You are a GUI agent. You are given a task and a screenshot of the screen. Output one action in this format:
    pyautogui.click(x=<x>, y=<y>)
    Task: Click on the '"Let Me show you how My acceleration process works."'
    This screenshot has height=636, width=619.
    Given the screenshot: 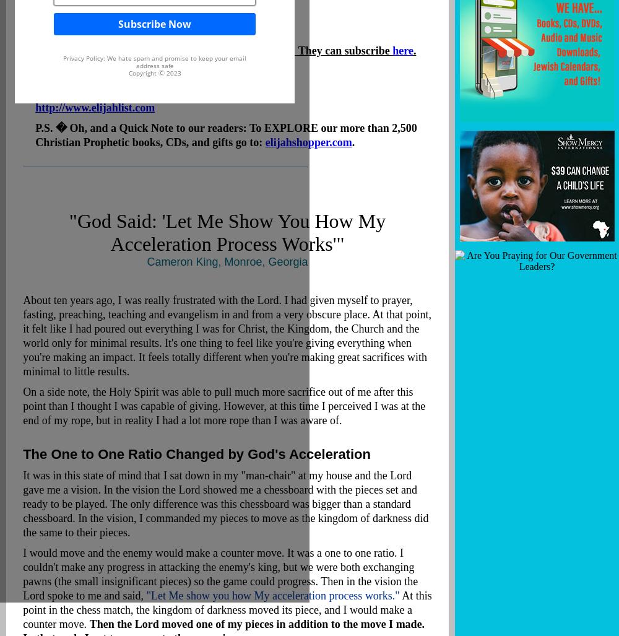 What is the action you would take?
    pyautogui.click(x=272, y=595)
    